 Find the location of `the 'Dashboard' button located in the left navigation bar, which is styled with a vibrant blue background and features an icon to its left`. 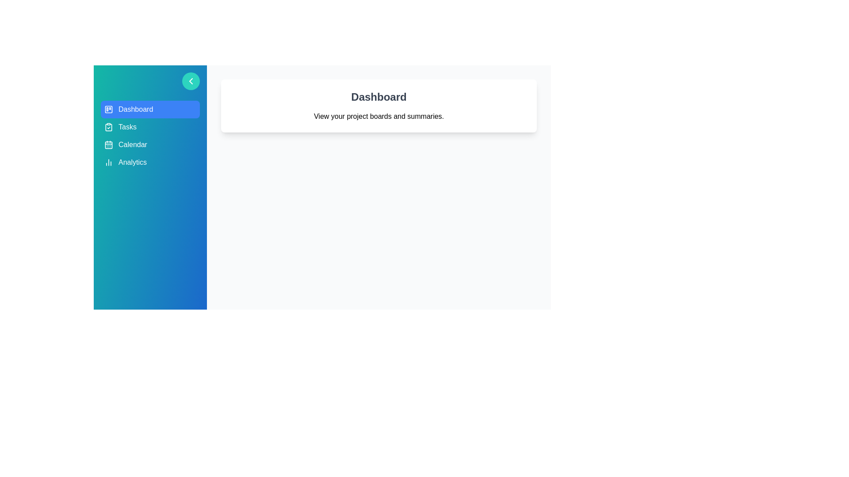

the 'Dashboard' button located in the left navigation bar, which is styled with a vibrant blue background and features an icon to its left is located at coordinates (135, 109).